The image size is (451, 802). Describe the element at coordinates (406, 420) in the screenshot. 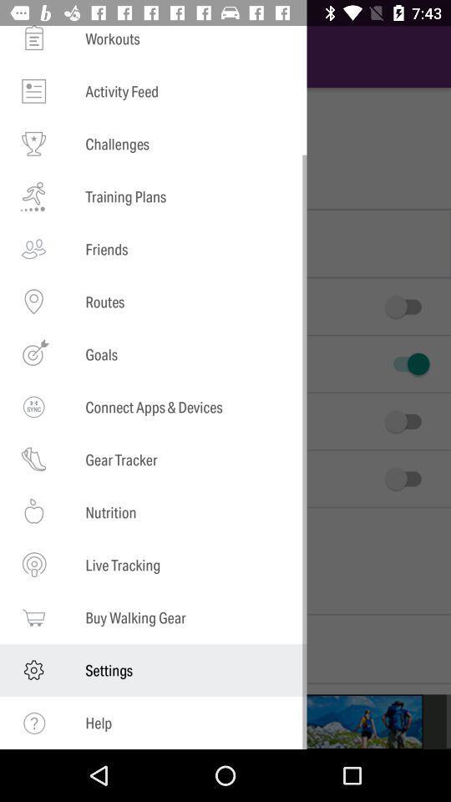

I see `third switch` at that location.